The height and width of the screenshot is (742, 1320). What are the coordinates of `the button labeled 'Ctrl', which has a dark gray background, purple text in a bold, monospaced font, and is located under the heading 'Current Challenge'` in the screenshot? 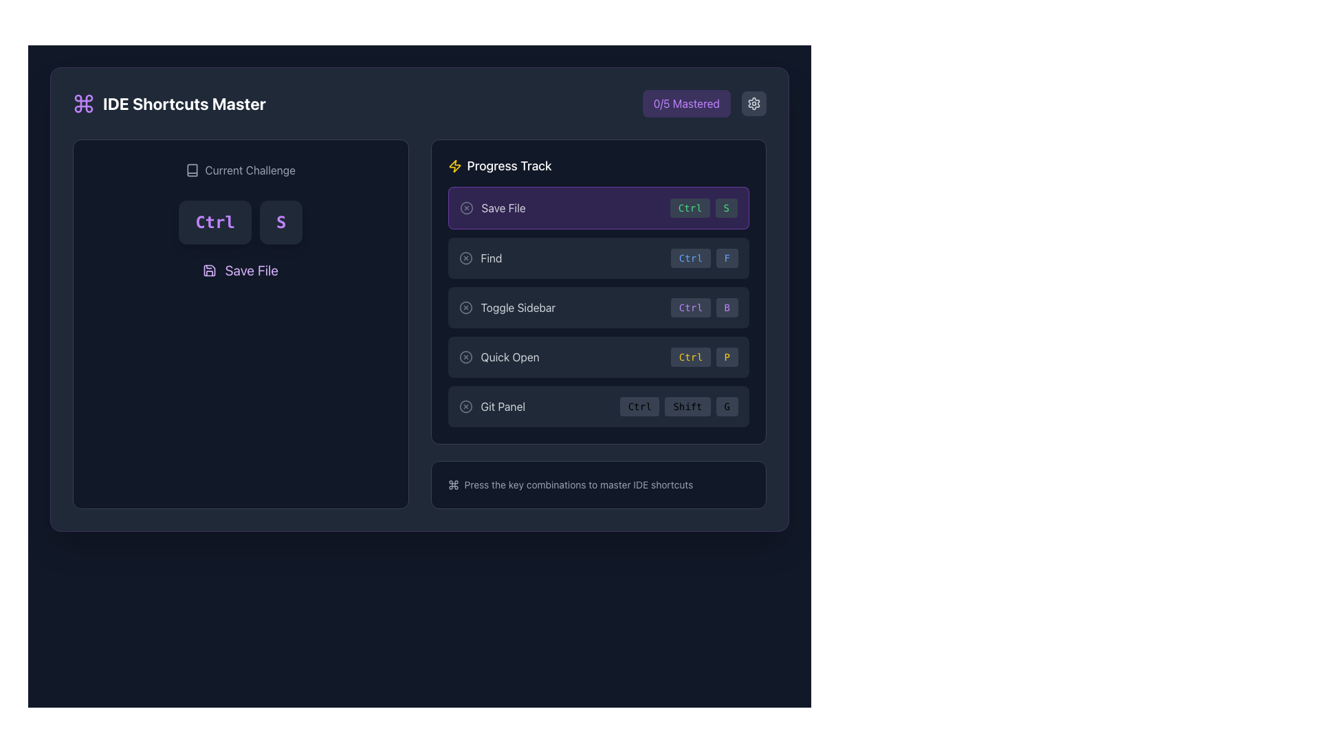 It's located at (214, 222).